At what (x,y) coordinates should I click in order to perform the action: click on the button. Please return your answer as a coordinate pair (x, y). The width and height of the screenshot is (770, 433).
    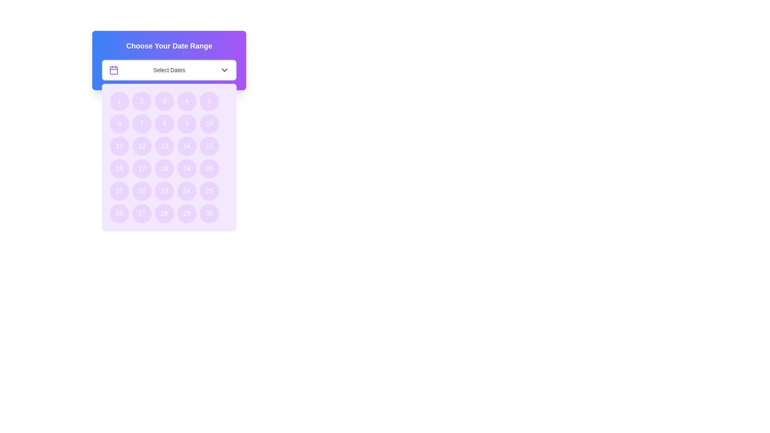
    Looking at the image, I should click on (209, 191).